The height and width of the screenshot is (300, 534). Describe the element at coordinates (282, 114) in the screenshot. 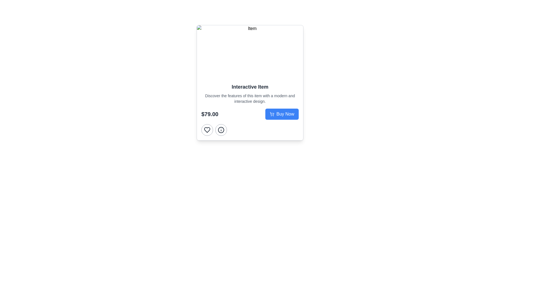

I see `the 'Buy Now' button with a blue background and a shopping cart icon to change its background color` at that location.